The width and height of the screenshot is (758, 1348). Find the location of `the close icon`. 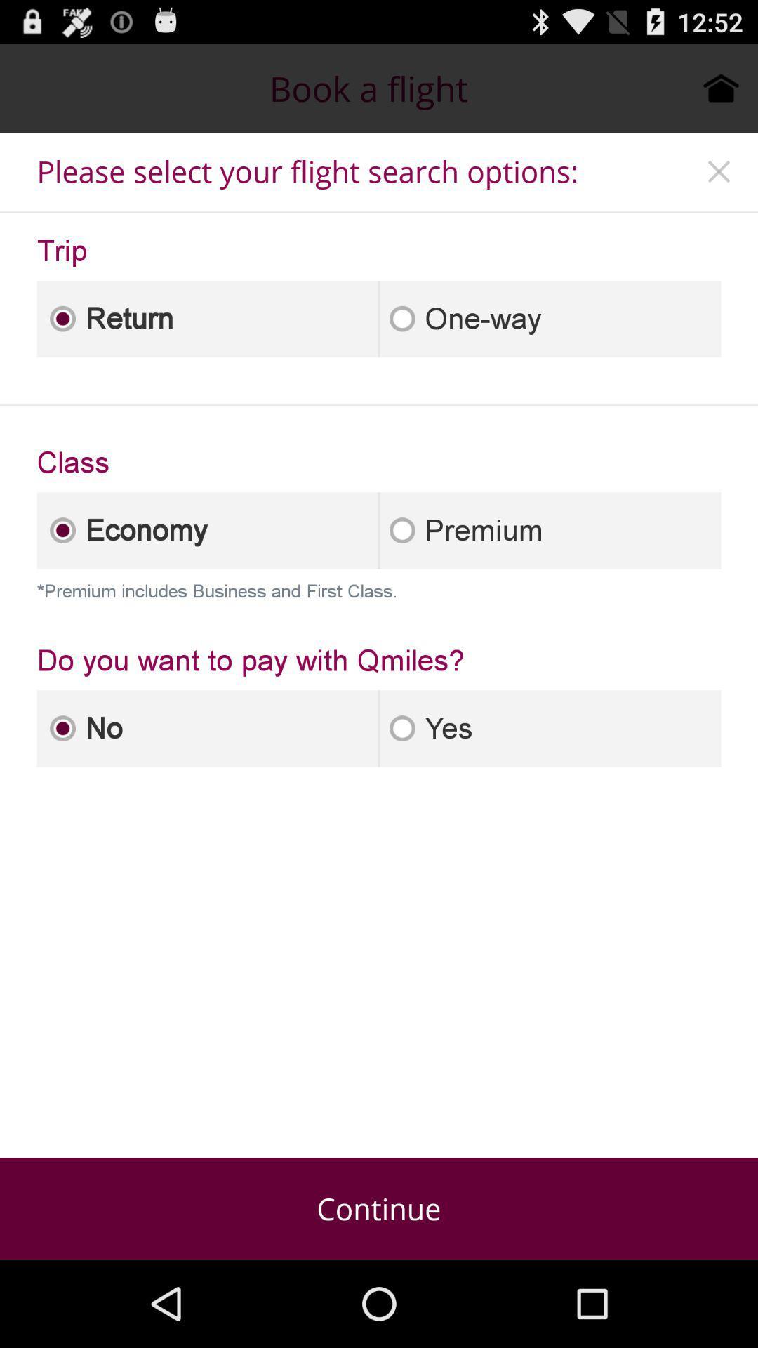

the close icon is located at coordinates (719, 183).